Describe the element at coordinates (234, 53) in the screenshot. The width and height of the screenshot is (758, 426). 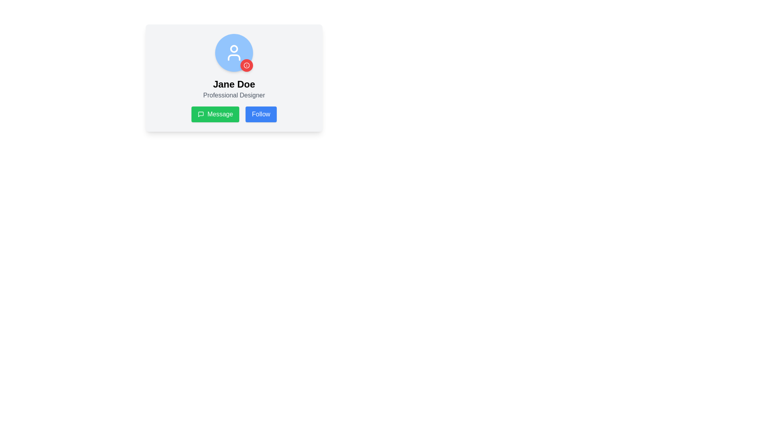
I see `the user profile icon, which is a circular badge` at that location.